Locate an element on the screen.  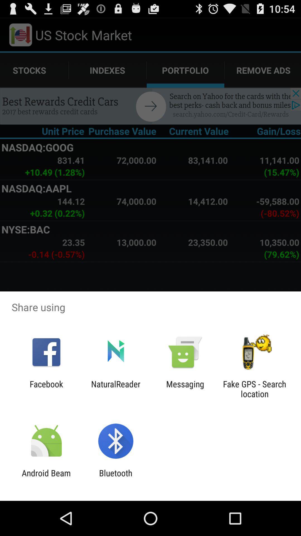
the app next to messaging item is located at coordinates (254, 389).